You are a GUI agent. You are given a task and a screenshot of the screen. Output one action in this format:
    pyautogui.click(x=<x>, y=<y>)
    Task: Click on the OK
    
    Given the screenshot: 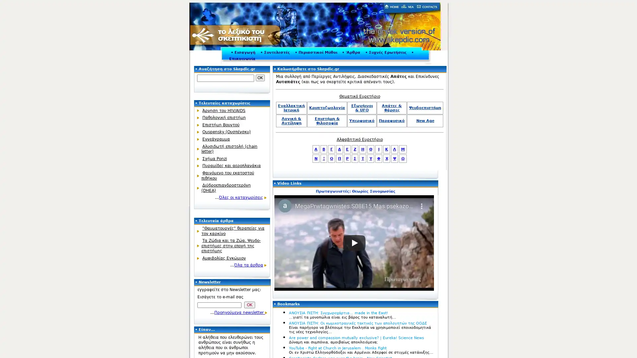 What is the action you would take?
    pyautogui.click(x=260, y=78)
    